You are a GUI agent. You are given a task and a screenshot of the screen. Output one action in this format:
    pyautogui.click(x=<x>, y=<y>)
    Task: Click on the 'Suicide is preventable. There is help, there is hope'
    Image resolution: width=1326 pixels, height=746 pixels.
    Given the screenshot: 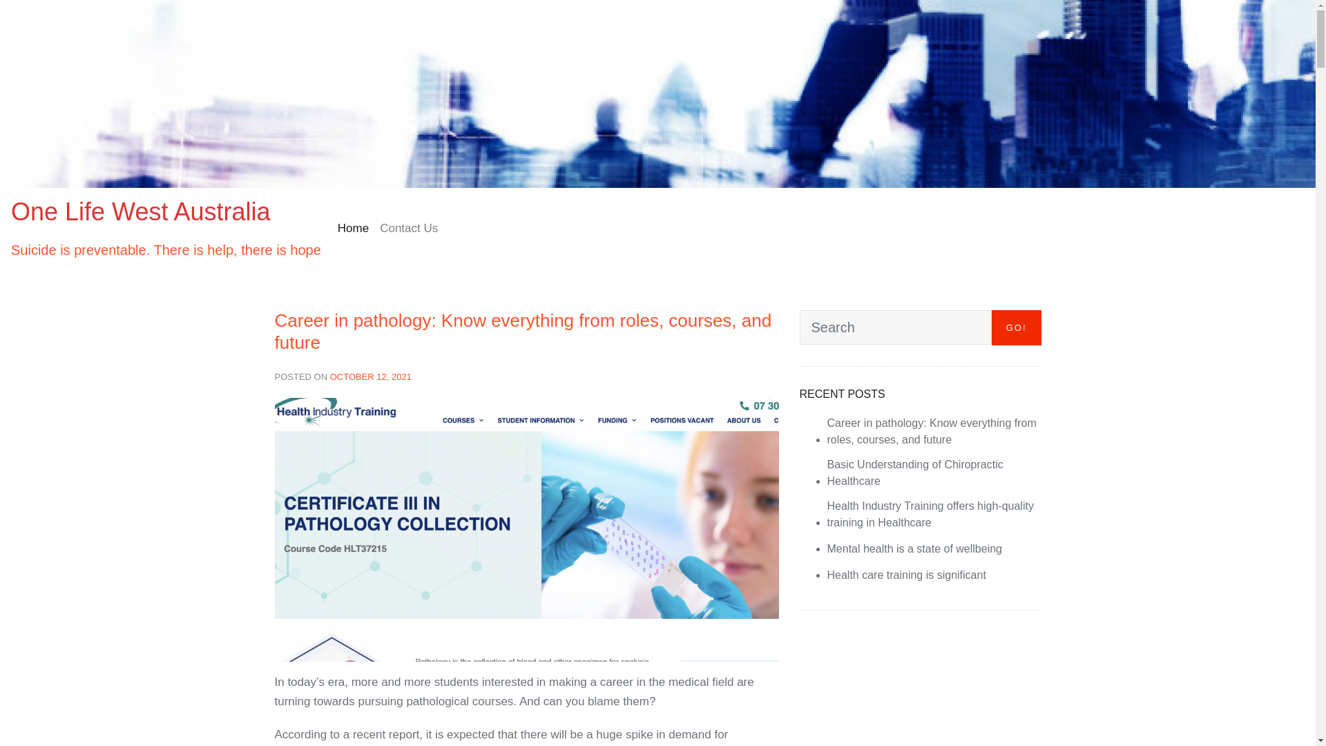 What is the action you would take?
    pyautogui.click(x=166, y=250)
    